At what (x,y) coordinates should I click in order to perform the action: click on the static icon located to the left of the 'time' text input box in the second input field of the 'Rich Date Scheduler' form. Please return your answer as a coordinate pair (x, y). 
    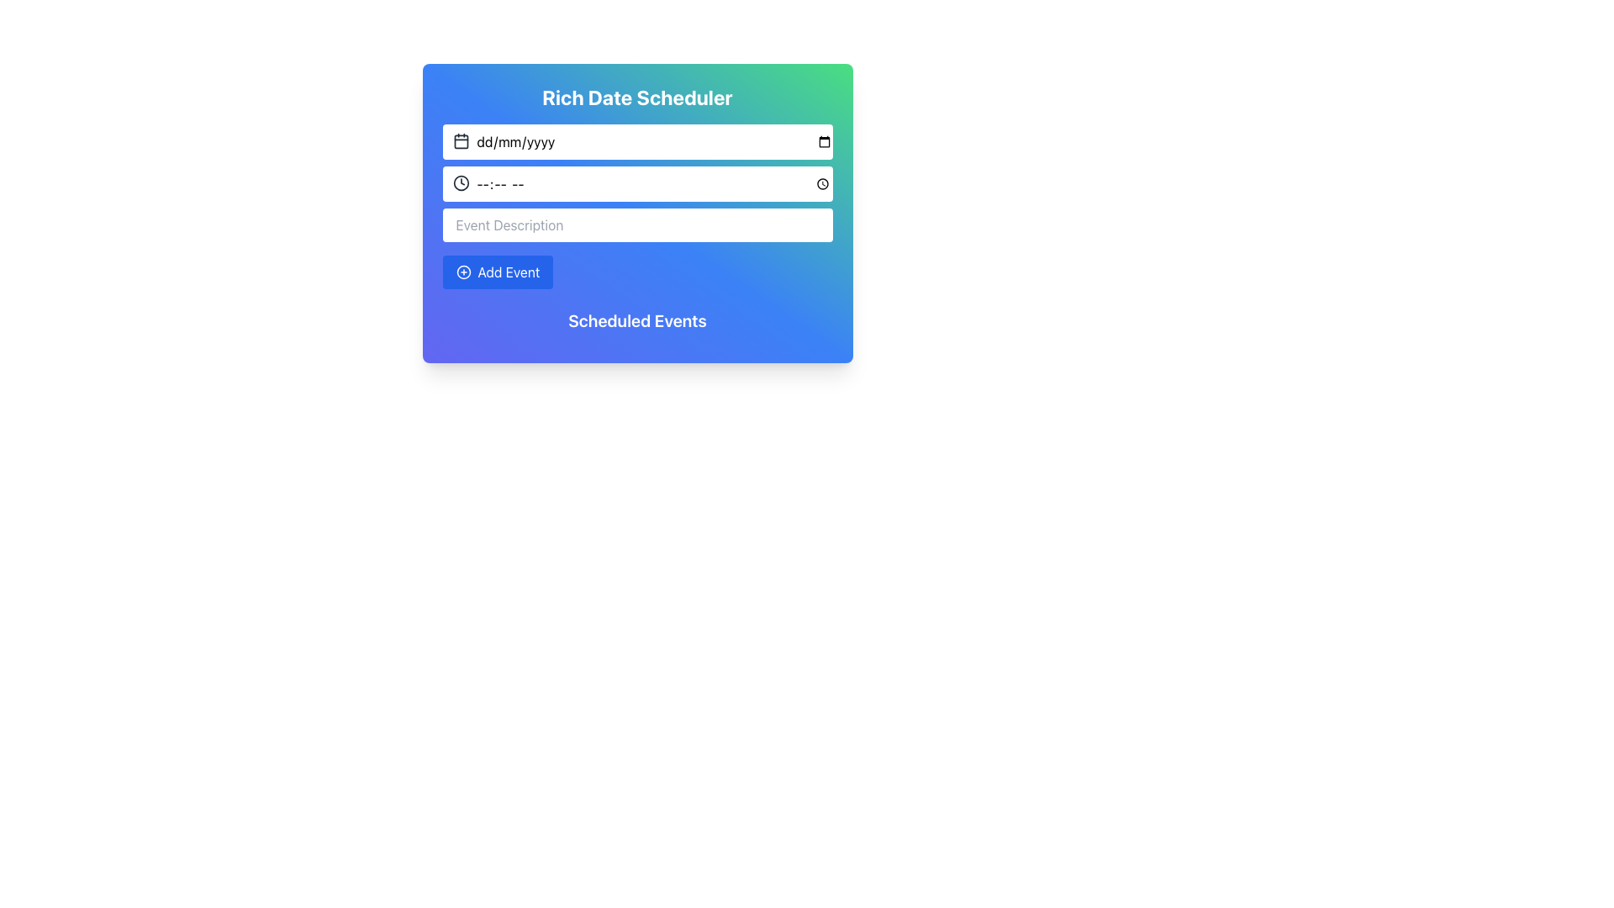
    Looking at the image, I should click on (461, 183).